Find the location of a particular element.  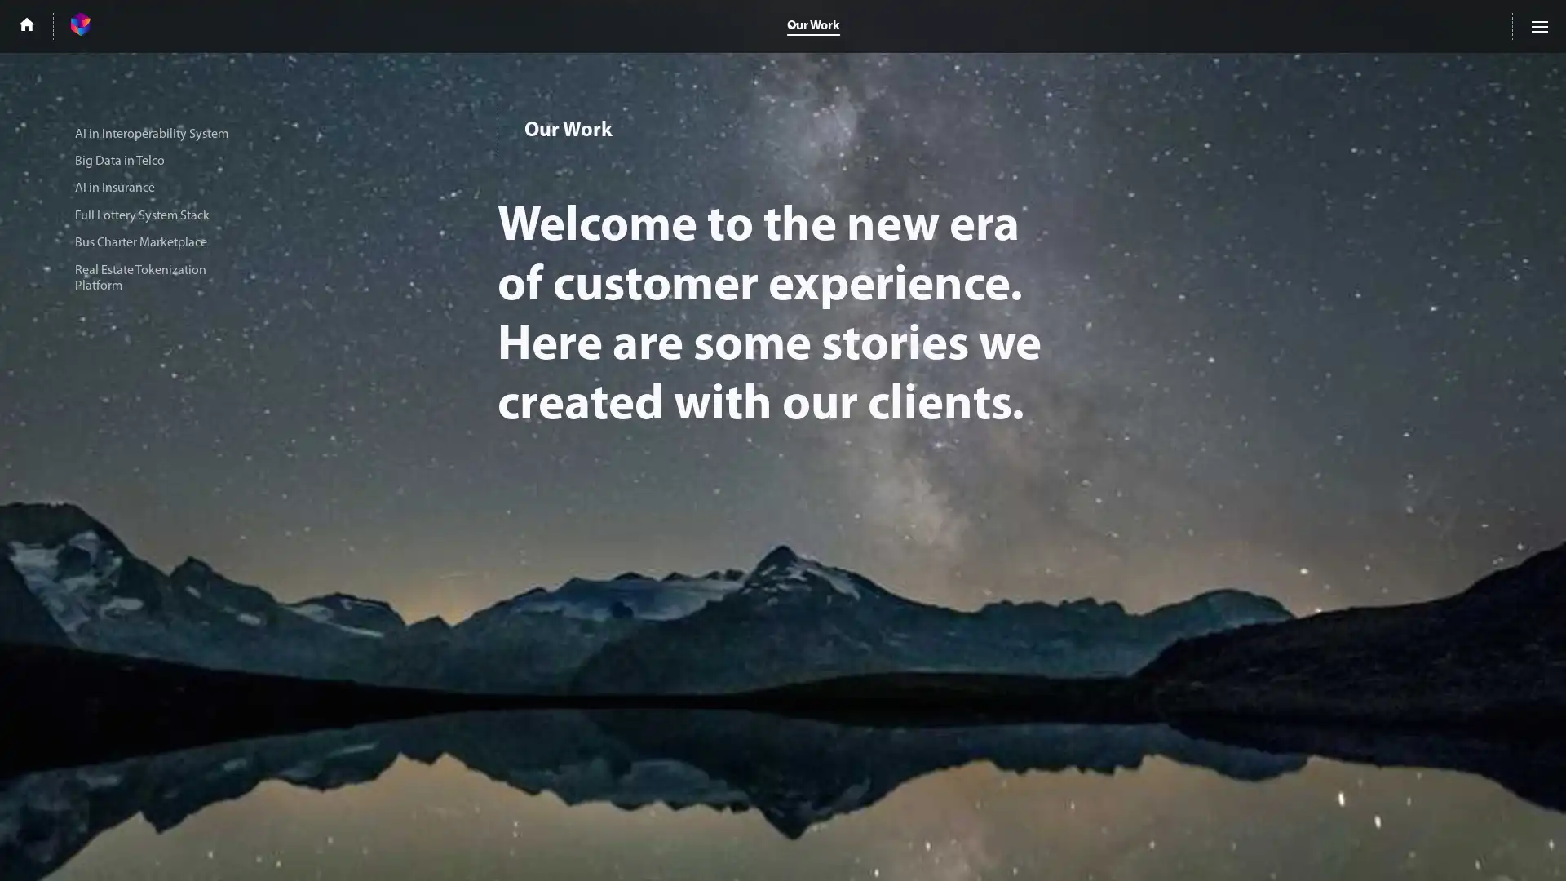

ACCEPT COOKIES is located at coordinates (1339, 846).